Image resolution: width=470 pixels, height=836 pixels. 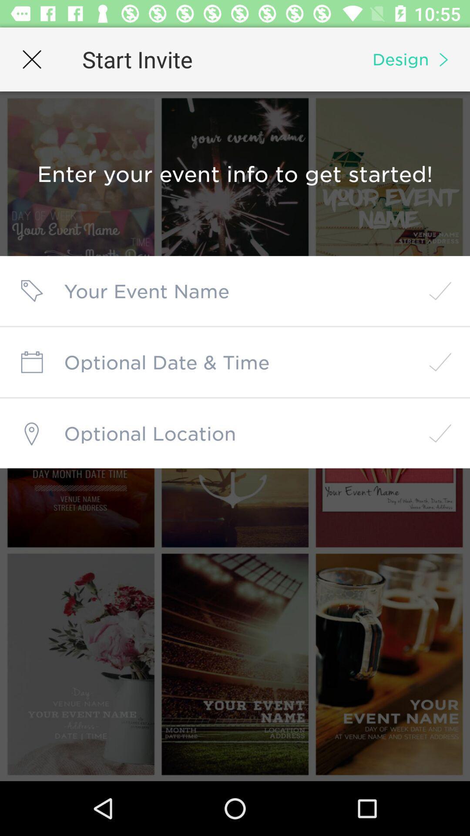 I want to click on date and time, so click(x=235, y=362).